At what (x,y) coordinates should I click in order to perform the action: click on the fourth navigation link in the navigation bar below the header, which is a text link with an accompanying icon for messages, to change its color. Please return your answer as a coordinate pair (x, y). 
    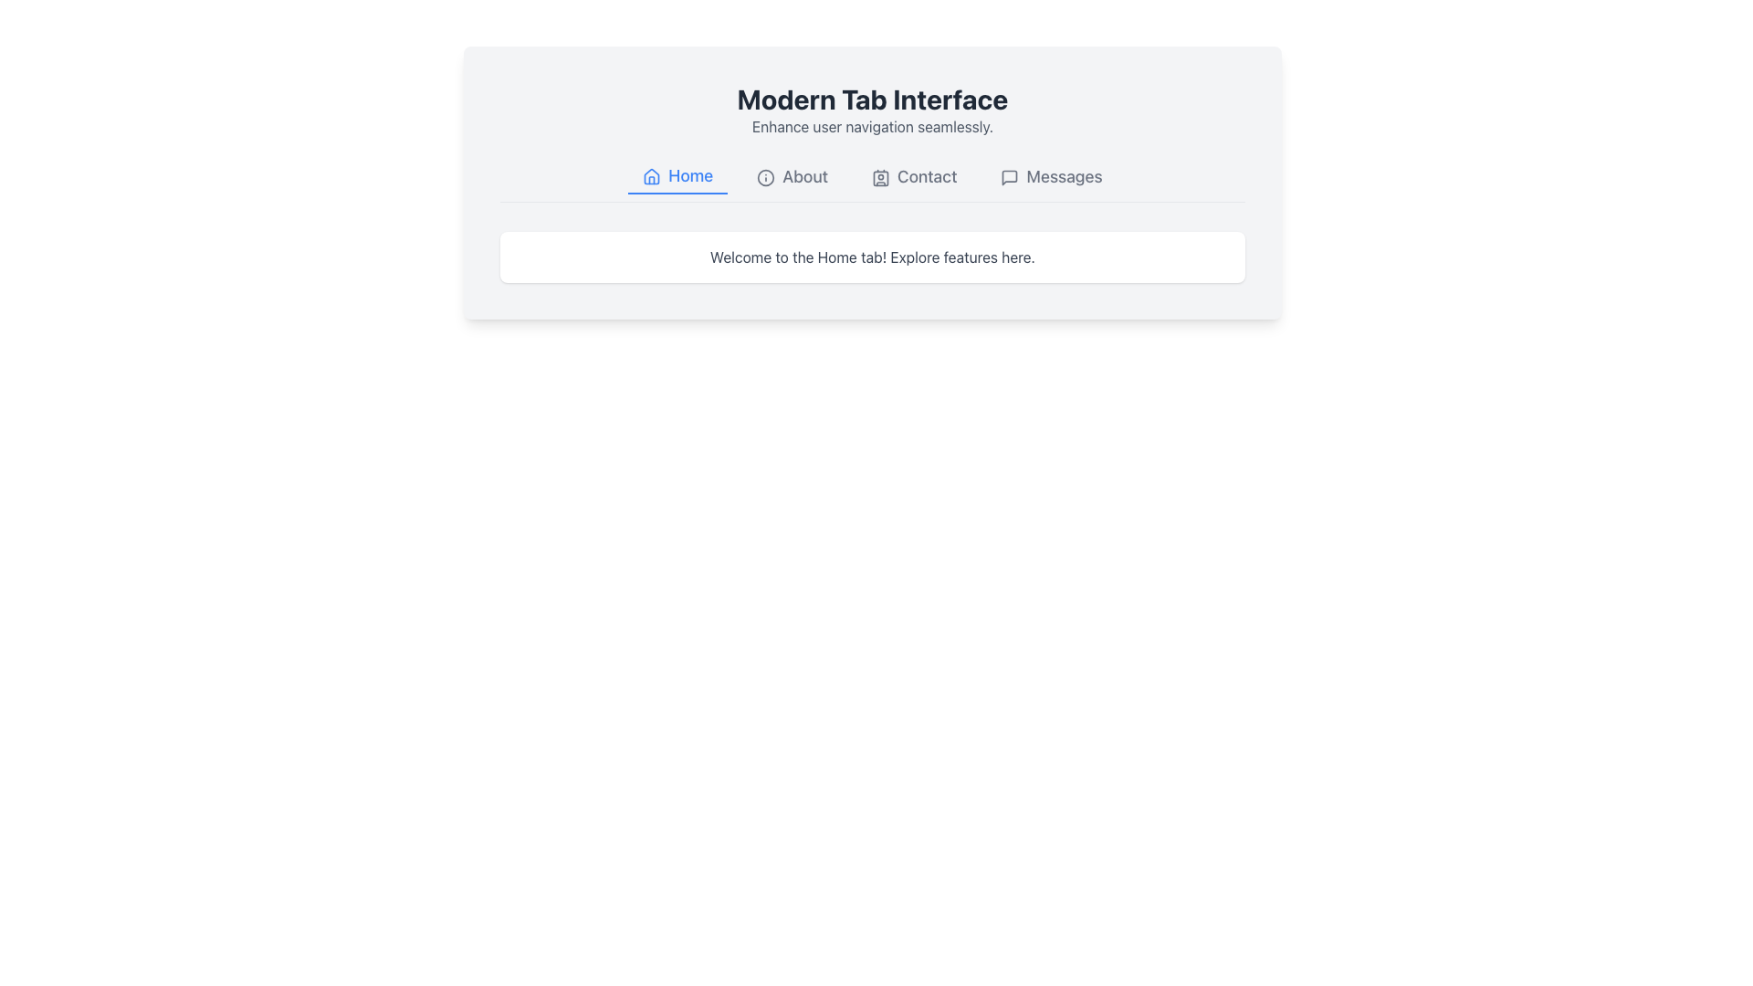
    Looking at the image, I should click on (1052, 176).